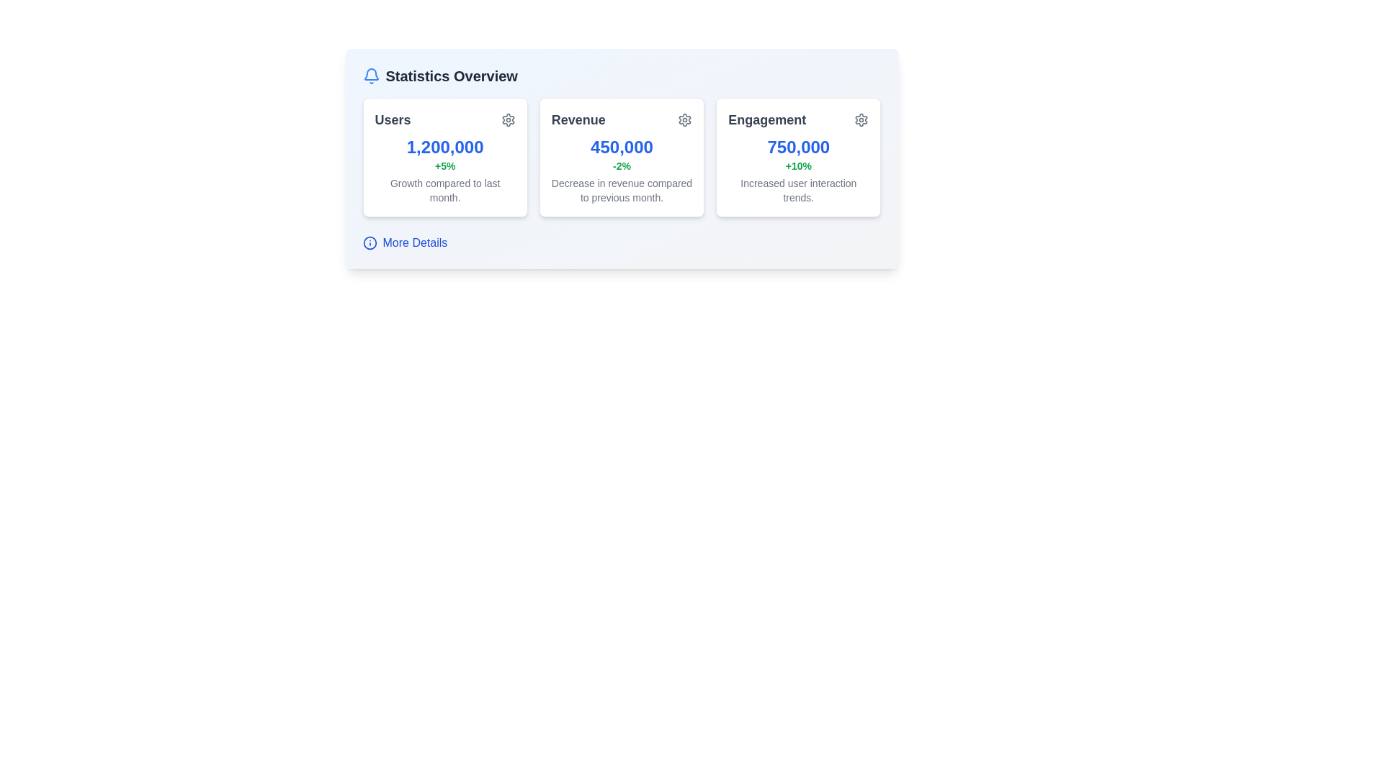 Image resolution: width=1383 pixels, height=777 pixels. What do you see at coordinates (684, 119) in the screenshot?
I see `the gear icon representing settings in the 'Revenue' card located at the top-right corner of the 'Statistics Overview' section` at bounding box center [684, 119].